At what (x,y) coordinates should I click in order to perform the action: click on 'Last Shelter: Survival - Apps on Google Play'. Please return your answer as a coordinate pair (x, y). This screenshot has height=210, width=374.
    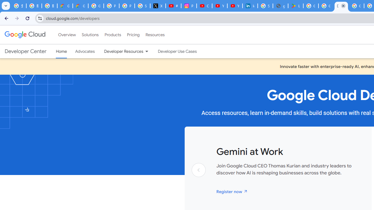
    Looking at the image, I should click on (295, 6).